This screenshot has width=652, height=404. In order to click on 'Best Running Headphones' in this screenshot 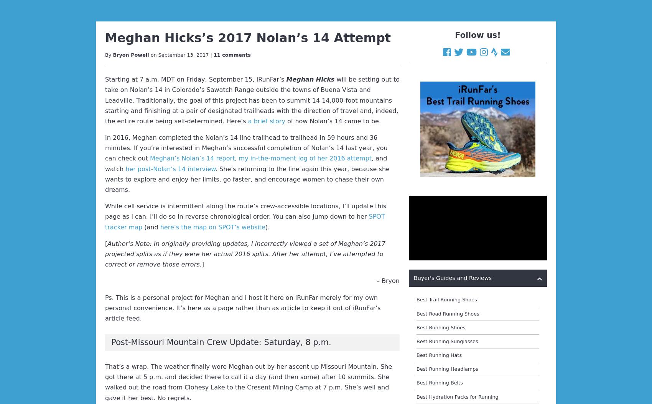, I will do `click(448, 272)`.